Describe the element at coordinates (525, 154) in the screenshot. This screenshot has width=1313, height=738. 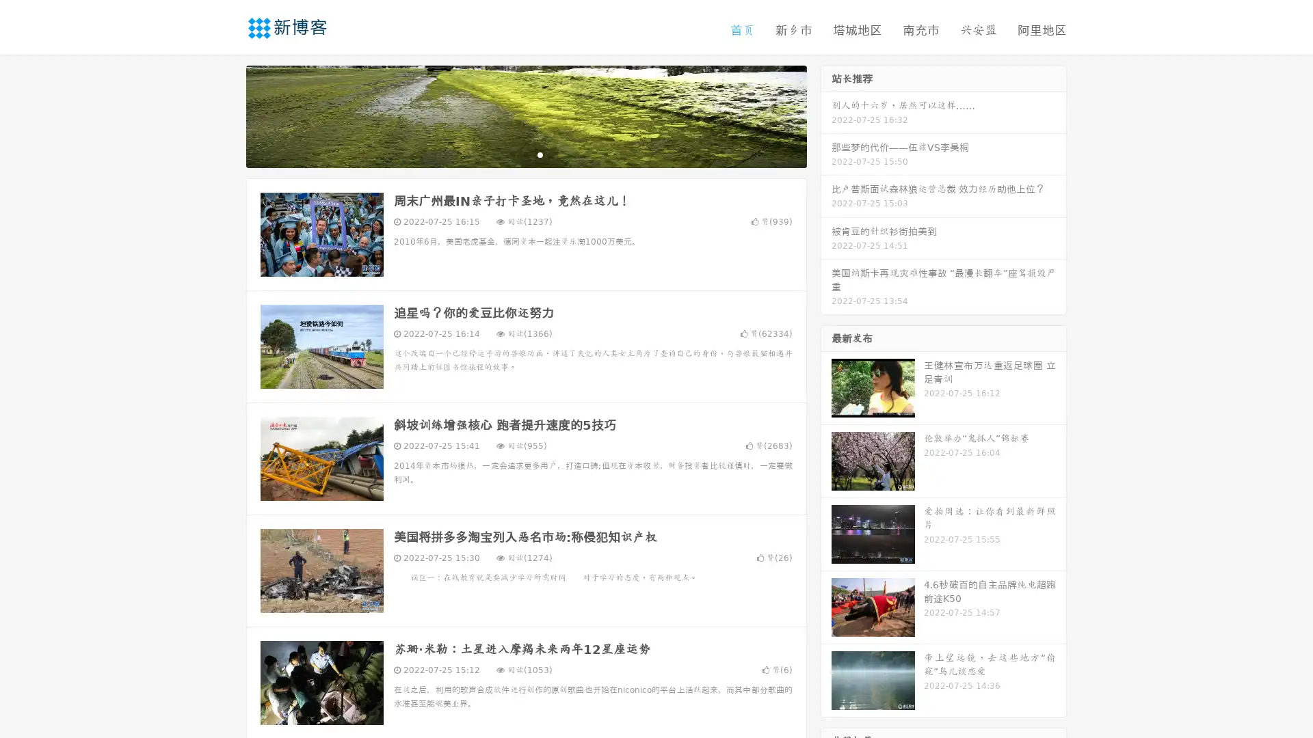
I see `Go to slide 2` at that location.